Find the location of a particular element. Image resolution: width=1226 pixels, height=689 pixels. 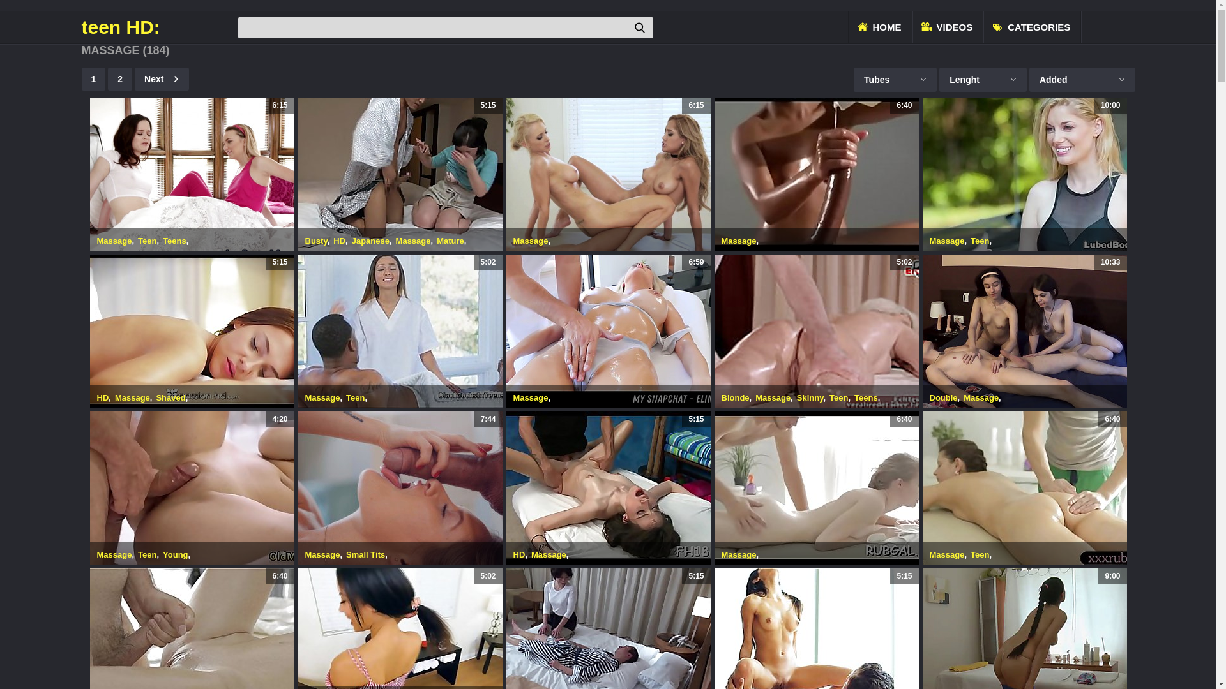

'4:20' is located at coordinates (190, 487).